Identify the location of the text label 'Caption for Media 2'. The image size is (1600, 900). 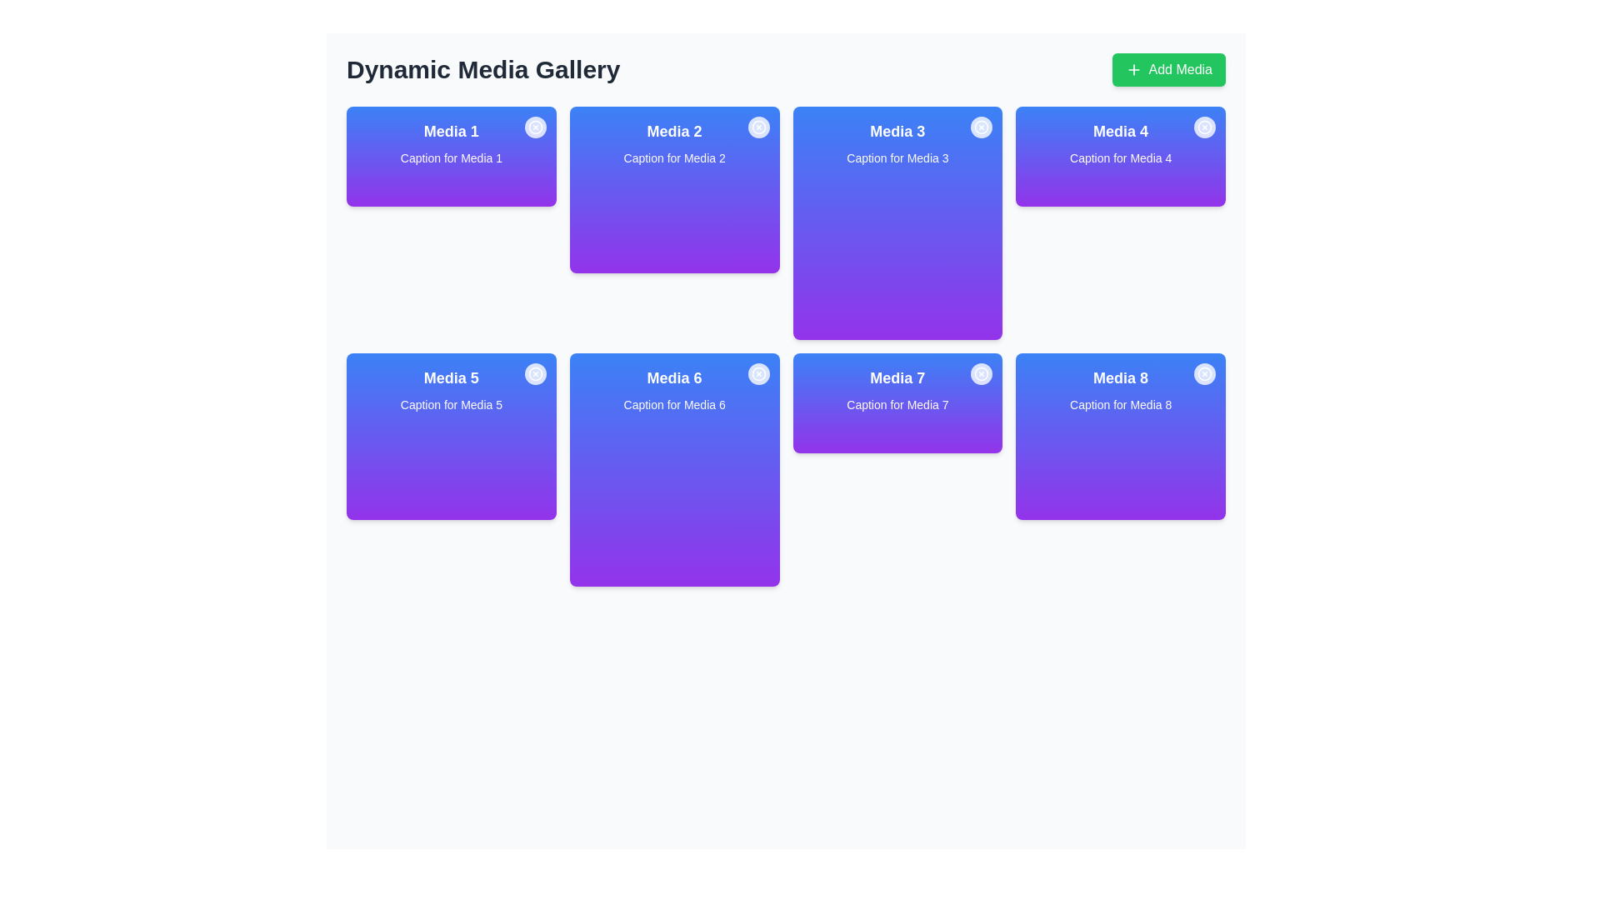
(674, 157).